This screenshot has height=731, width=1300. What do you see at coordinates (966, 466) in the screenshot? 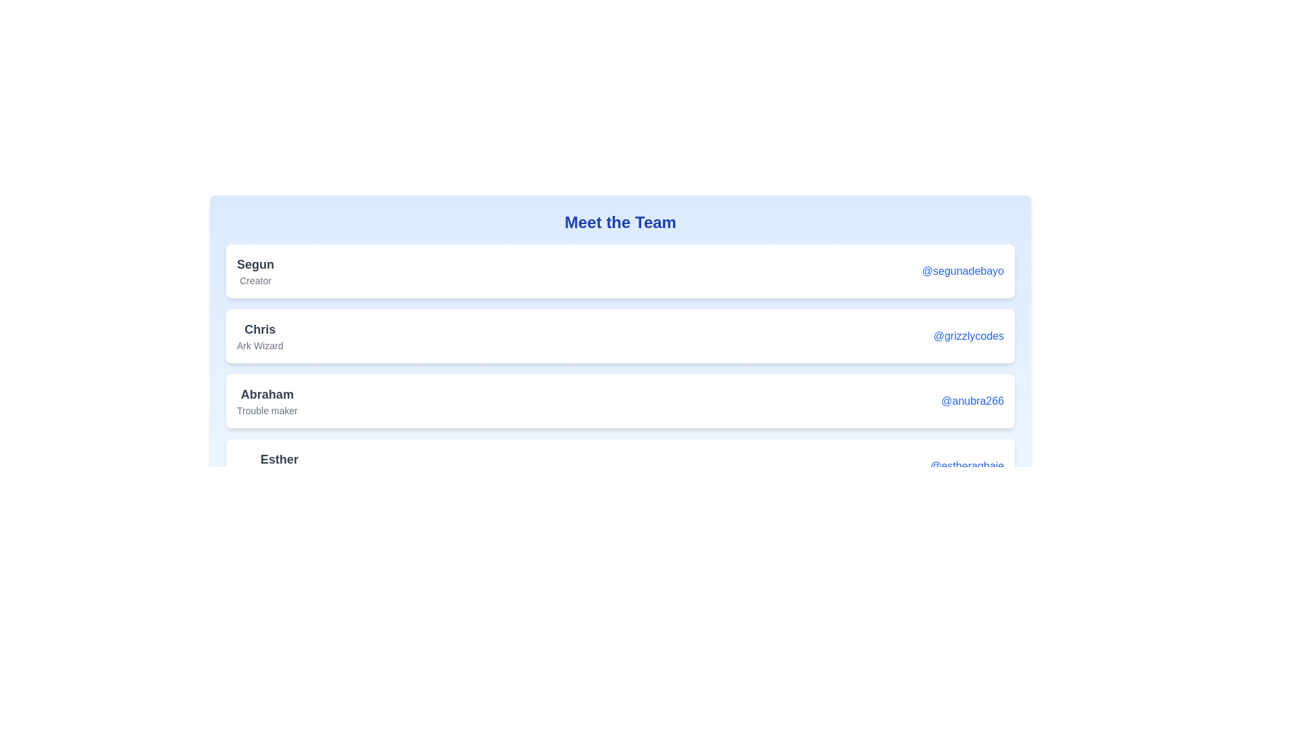
I see `the hyperlink styled as a blue text link with the text '@estheragbaje' located at the bottom-right corner of the card associated with 'Esther'` at bounding box center [966, 466].